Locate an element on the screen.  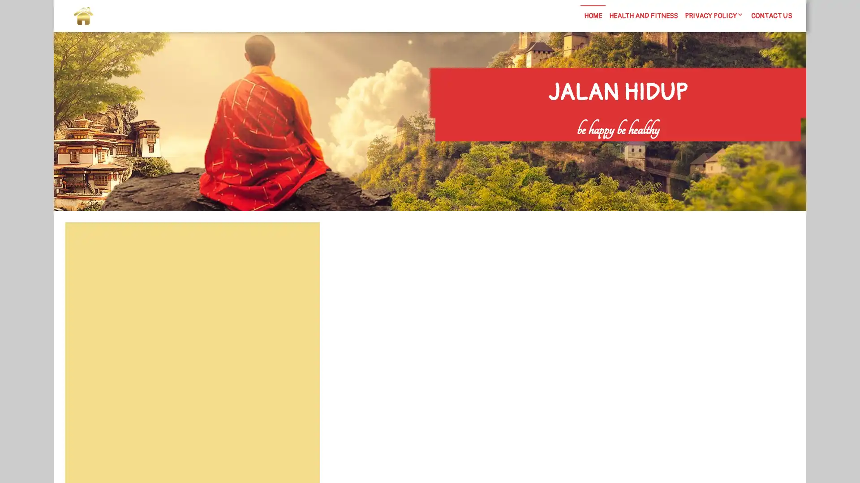
Search is located at coordinates (697, 146).